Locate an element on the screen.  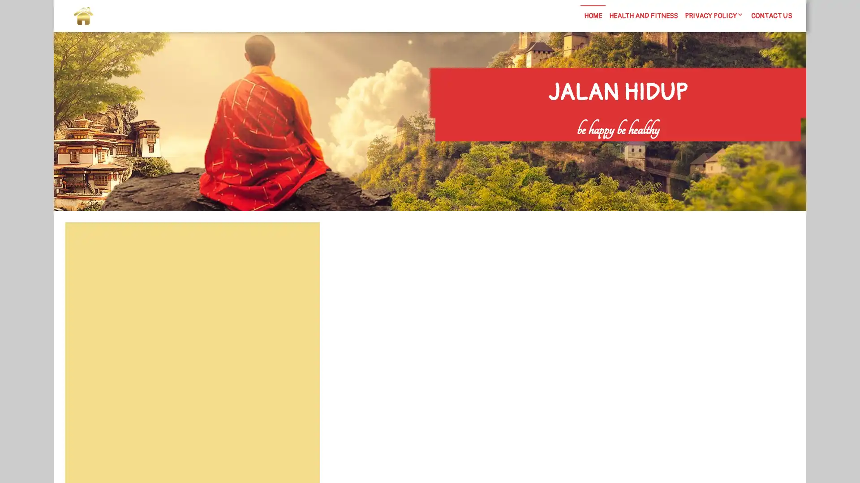
Search is located at coordinates (697, 146).